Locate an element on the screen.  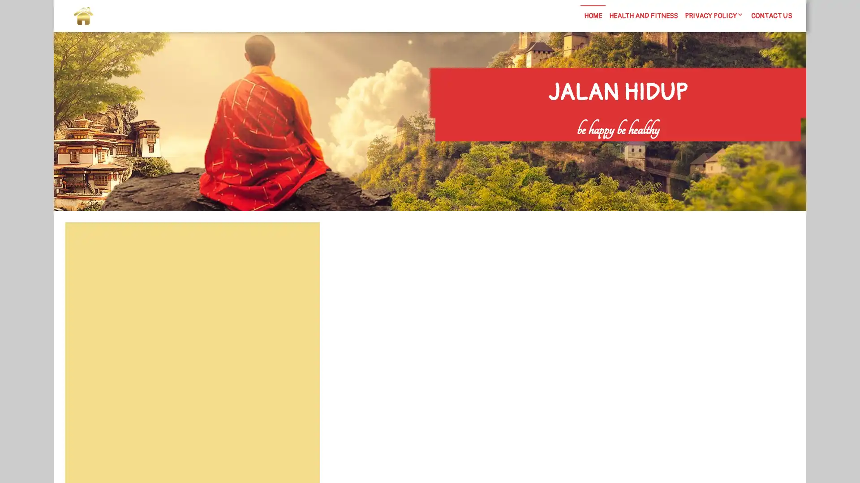
Search is located at coordinates (697, 146).